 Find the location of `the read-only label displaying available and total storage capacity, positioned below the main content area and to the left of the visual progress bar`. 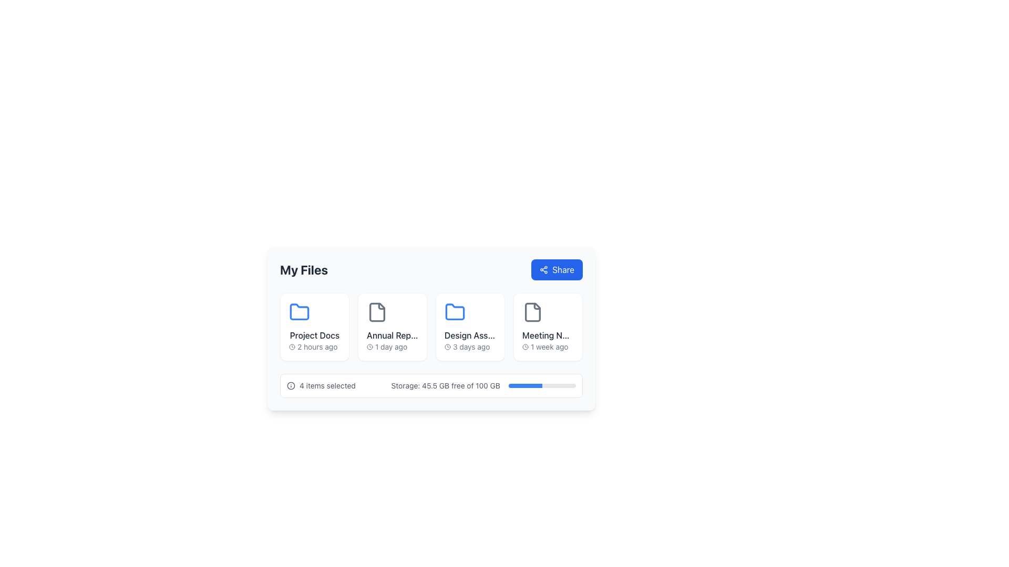

the read-only label displaying available and total storage capacity, positioned below the main content area and to the left of the visual progress bar is located at coordinates (446, 386).